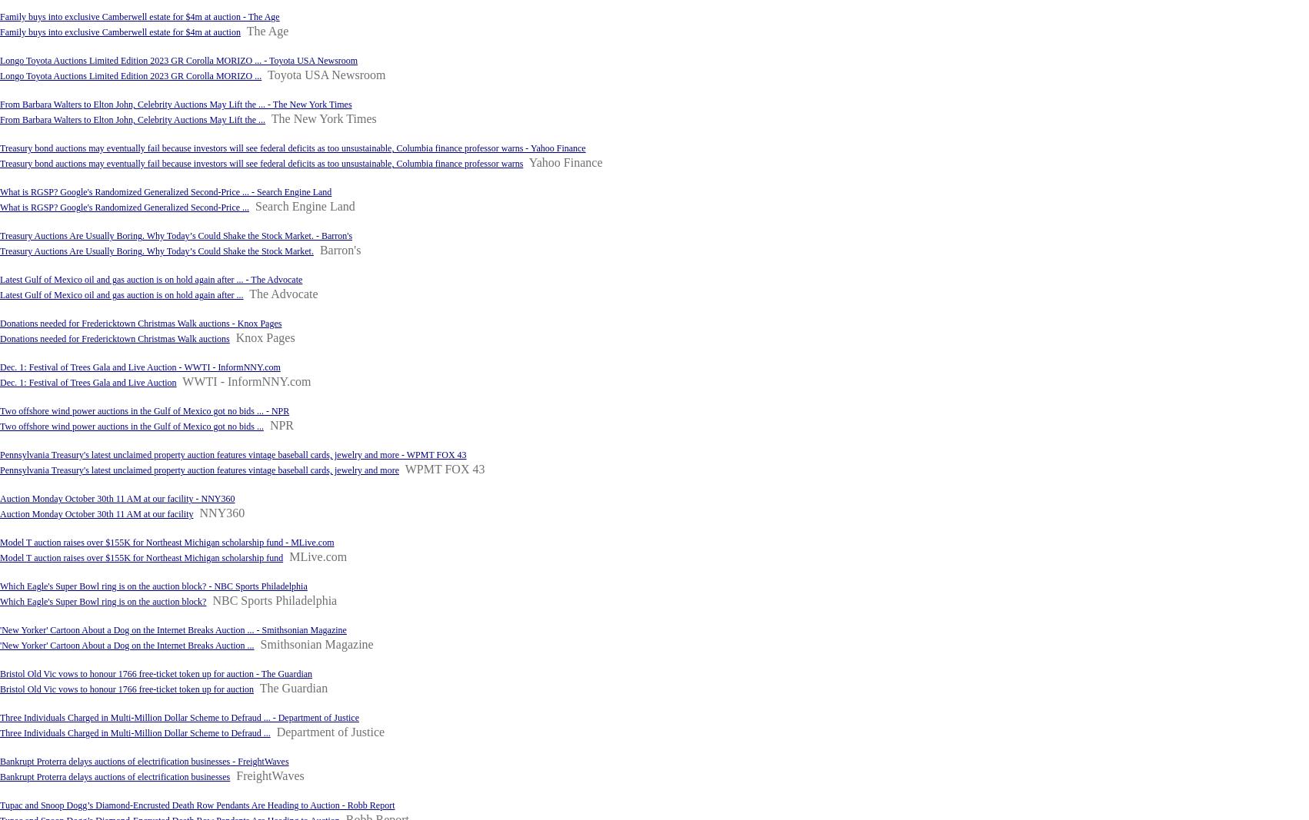 This screenshot has height=820, width=1309. I want to click on 'Latest Gulf of Mexico oil and gas auction is on hold again after ...', so click(120, 294).